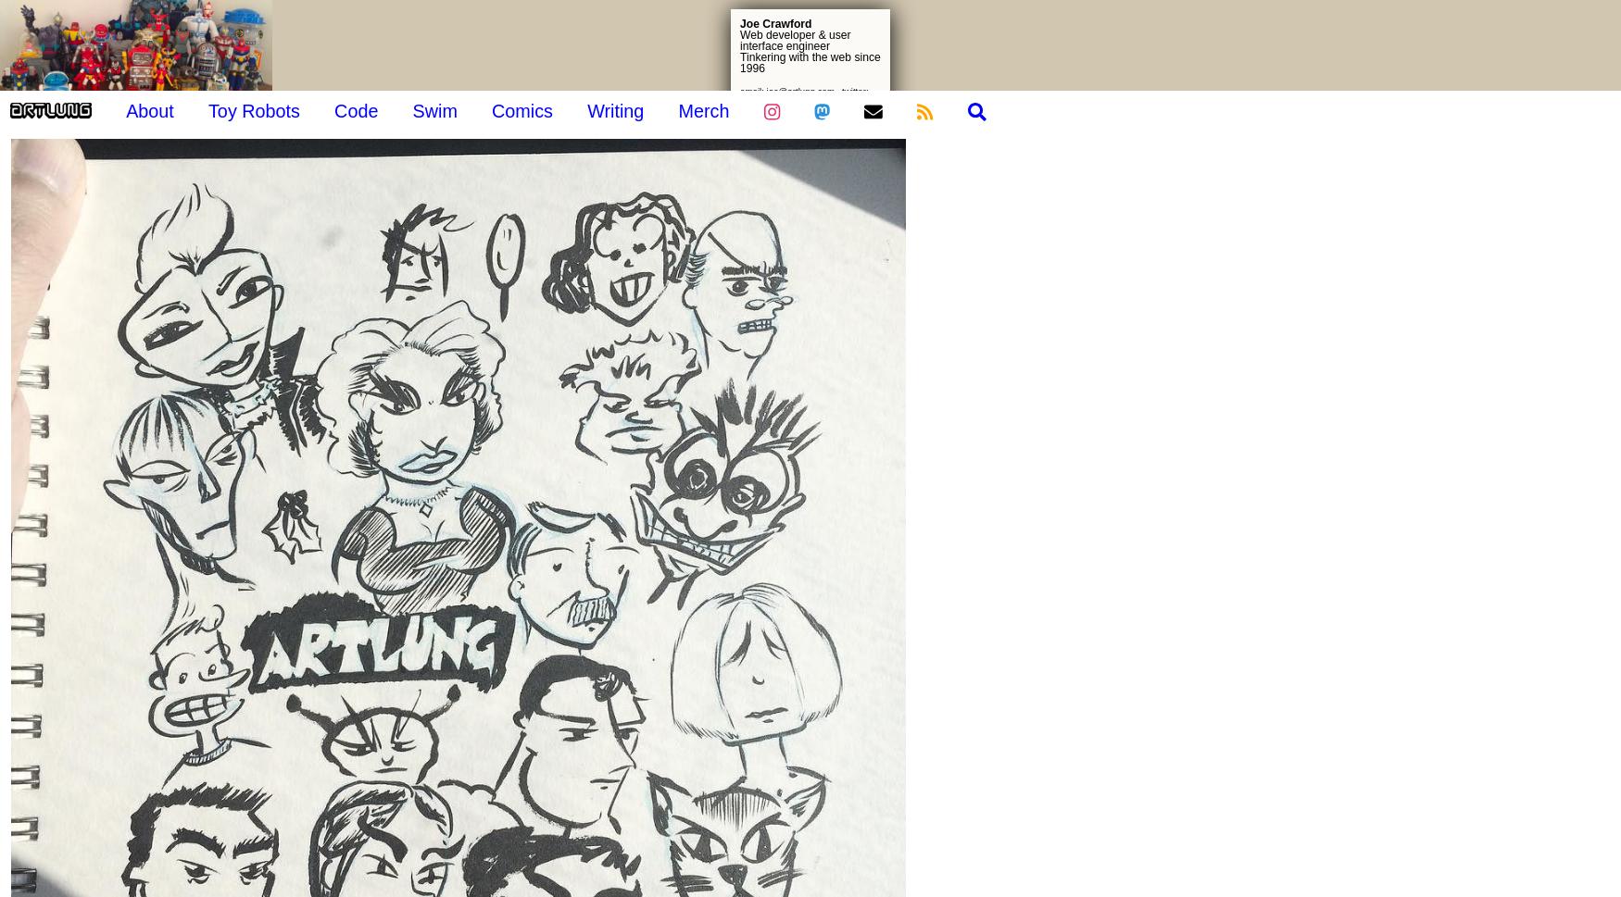 This screenshot has width=1621, height=897. What do you see at coordinates (1546, 207) in the screenshot?
I see `'@artlung'` at bounding box center [1546, 207].